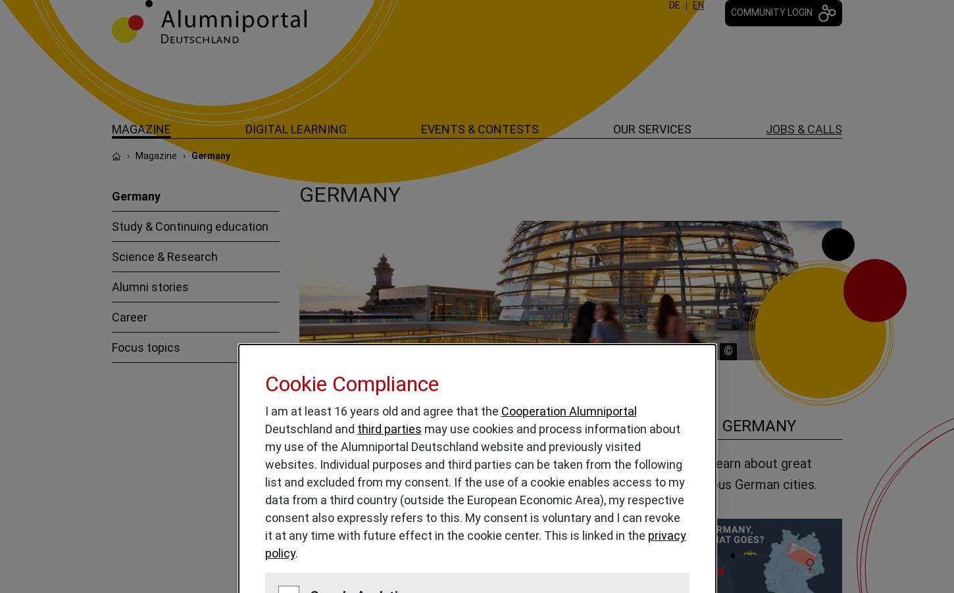 The height and width of the screenshot is (593, 954). Describe the element at coordinates (189, 225) in the screenshot. I see `'Study & Continuing education'` at that location.